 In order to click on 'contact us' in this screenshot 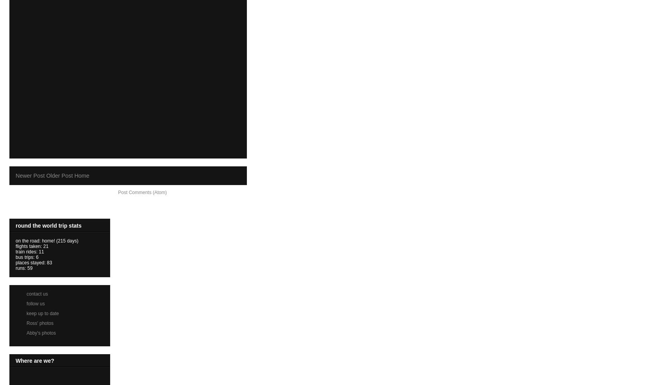, I will do `click(26, 294)`.